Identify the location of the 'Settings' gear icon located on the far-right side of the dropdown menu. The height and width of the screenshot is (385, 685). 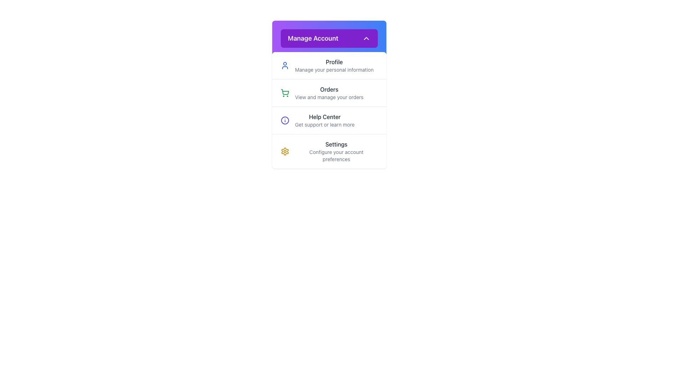
(284, 151).